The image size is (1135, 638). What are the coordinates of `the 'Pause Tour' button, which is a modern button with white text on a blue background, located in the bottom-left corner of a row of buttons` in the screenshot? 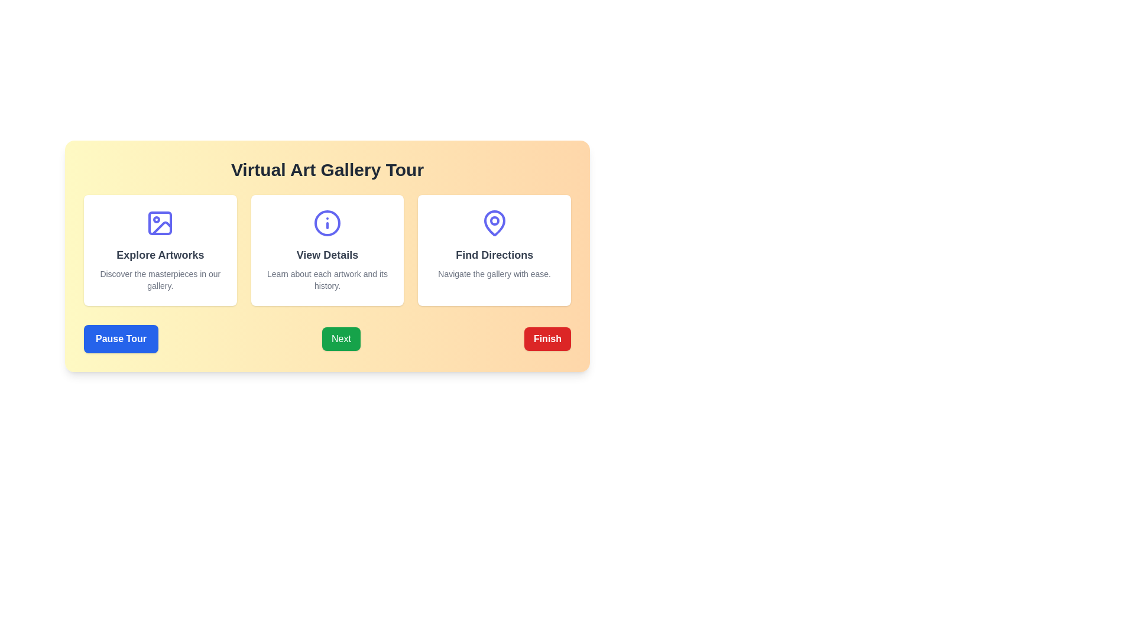 It's located at (121, 339).